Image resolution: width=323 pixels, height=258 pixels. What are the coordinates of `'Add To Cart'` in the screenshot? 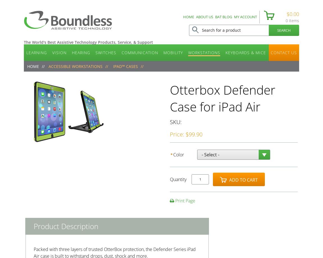 It's located at (243, 180).